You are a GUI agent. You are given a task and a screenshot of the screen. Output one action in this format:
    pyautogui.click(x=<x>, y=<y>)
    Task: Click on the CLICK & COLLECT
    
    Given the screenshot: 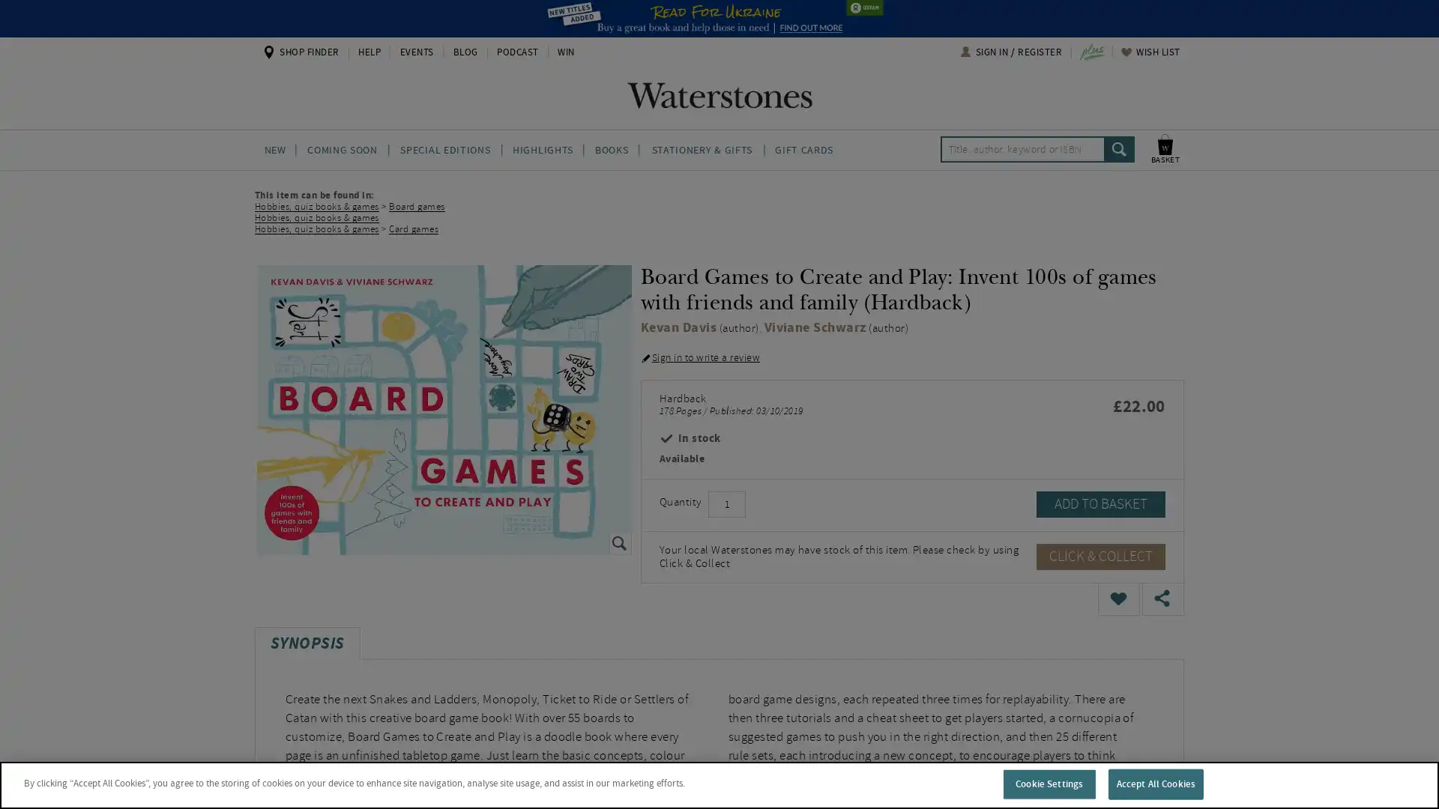 What is the action you would take?
    pyautogui.click(x=1100, y=556)
    